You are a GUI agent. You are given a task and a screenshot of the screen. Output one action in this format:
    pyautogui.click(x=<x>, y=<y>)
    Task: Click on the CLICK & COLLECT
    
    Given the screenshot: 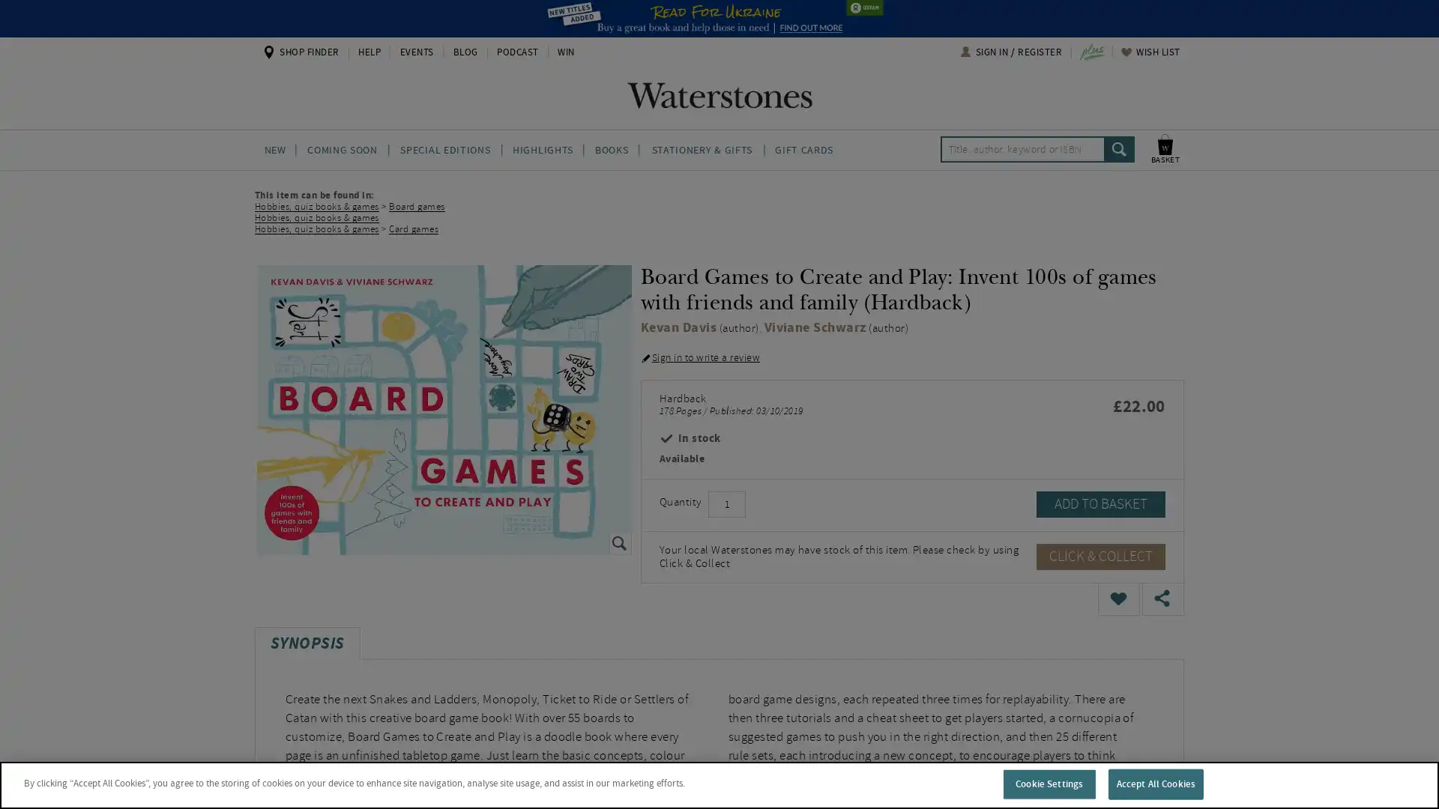 What is the action you would take?
    pyautogui.click(x=1100, y=556)
    